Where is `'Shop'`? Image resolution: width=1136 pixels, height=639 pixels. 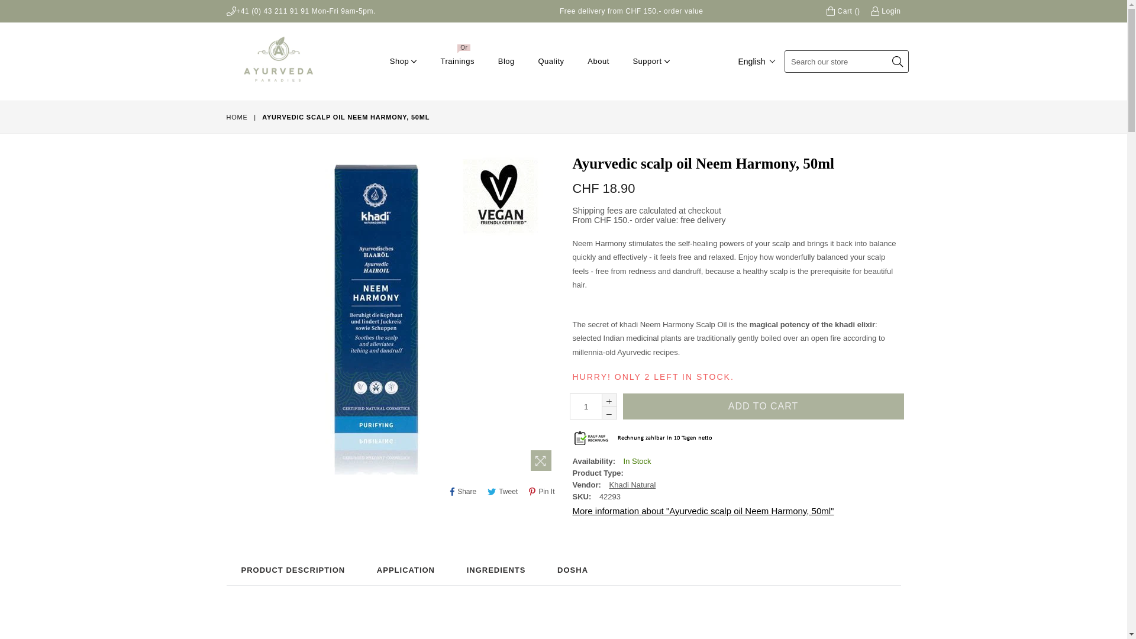 'Shop' is located at coordinates (403, 62).